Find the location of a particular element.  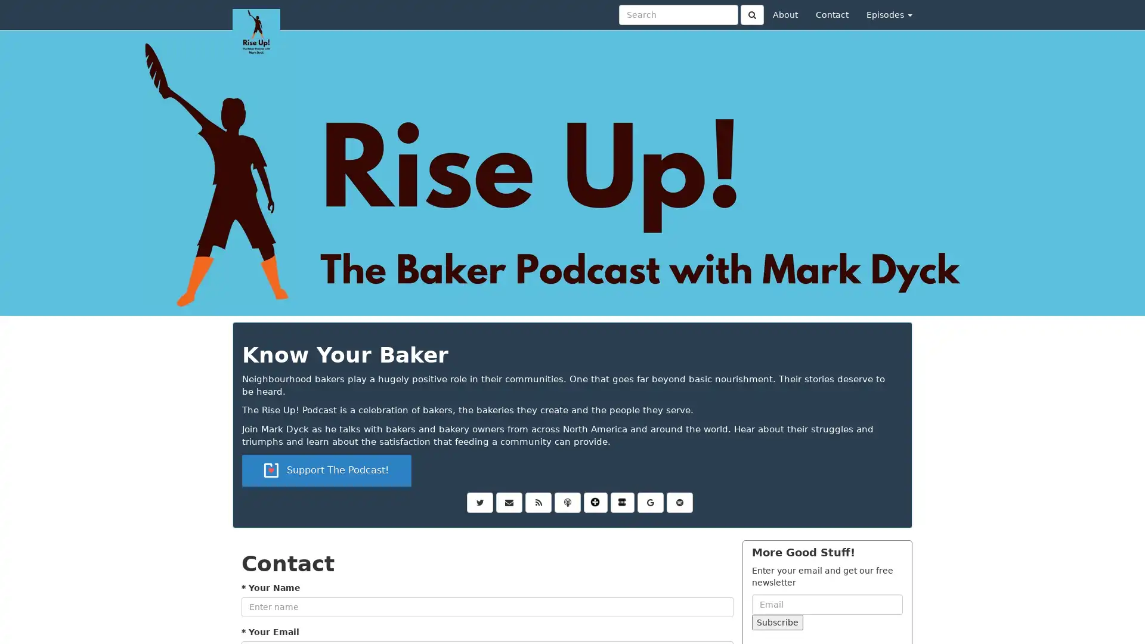

Subscribe is located at coordinates (778, 621).